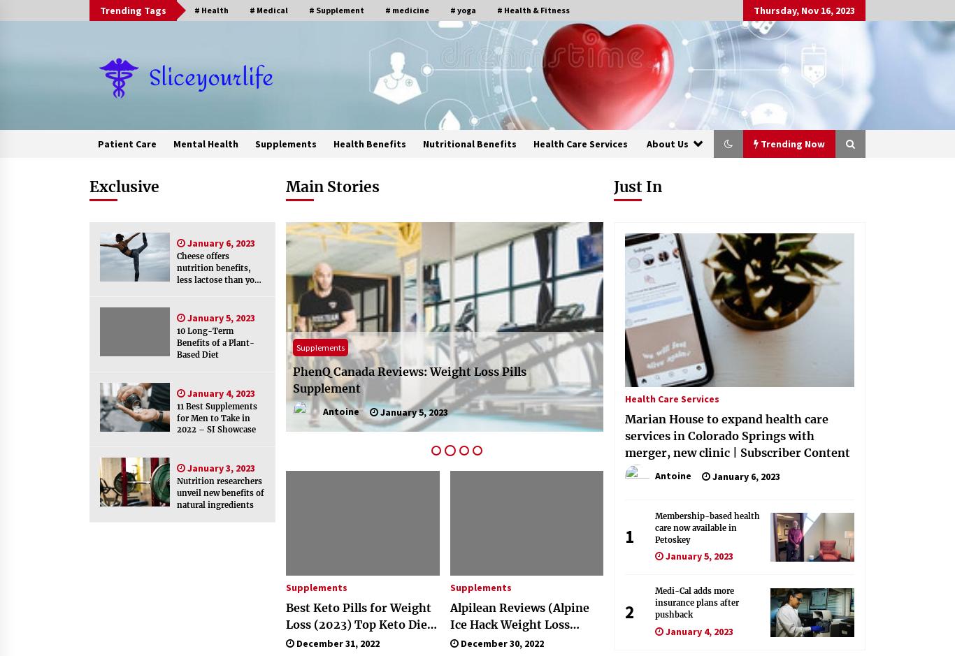 The width and height of the screenshot is (955, 656). Describe the element at coordinates (220, 492) in the screenshot. I see `'Nutrition researchers unveil new benefits of natural ingredients'` at that location.